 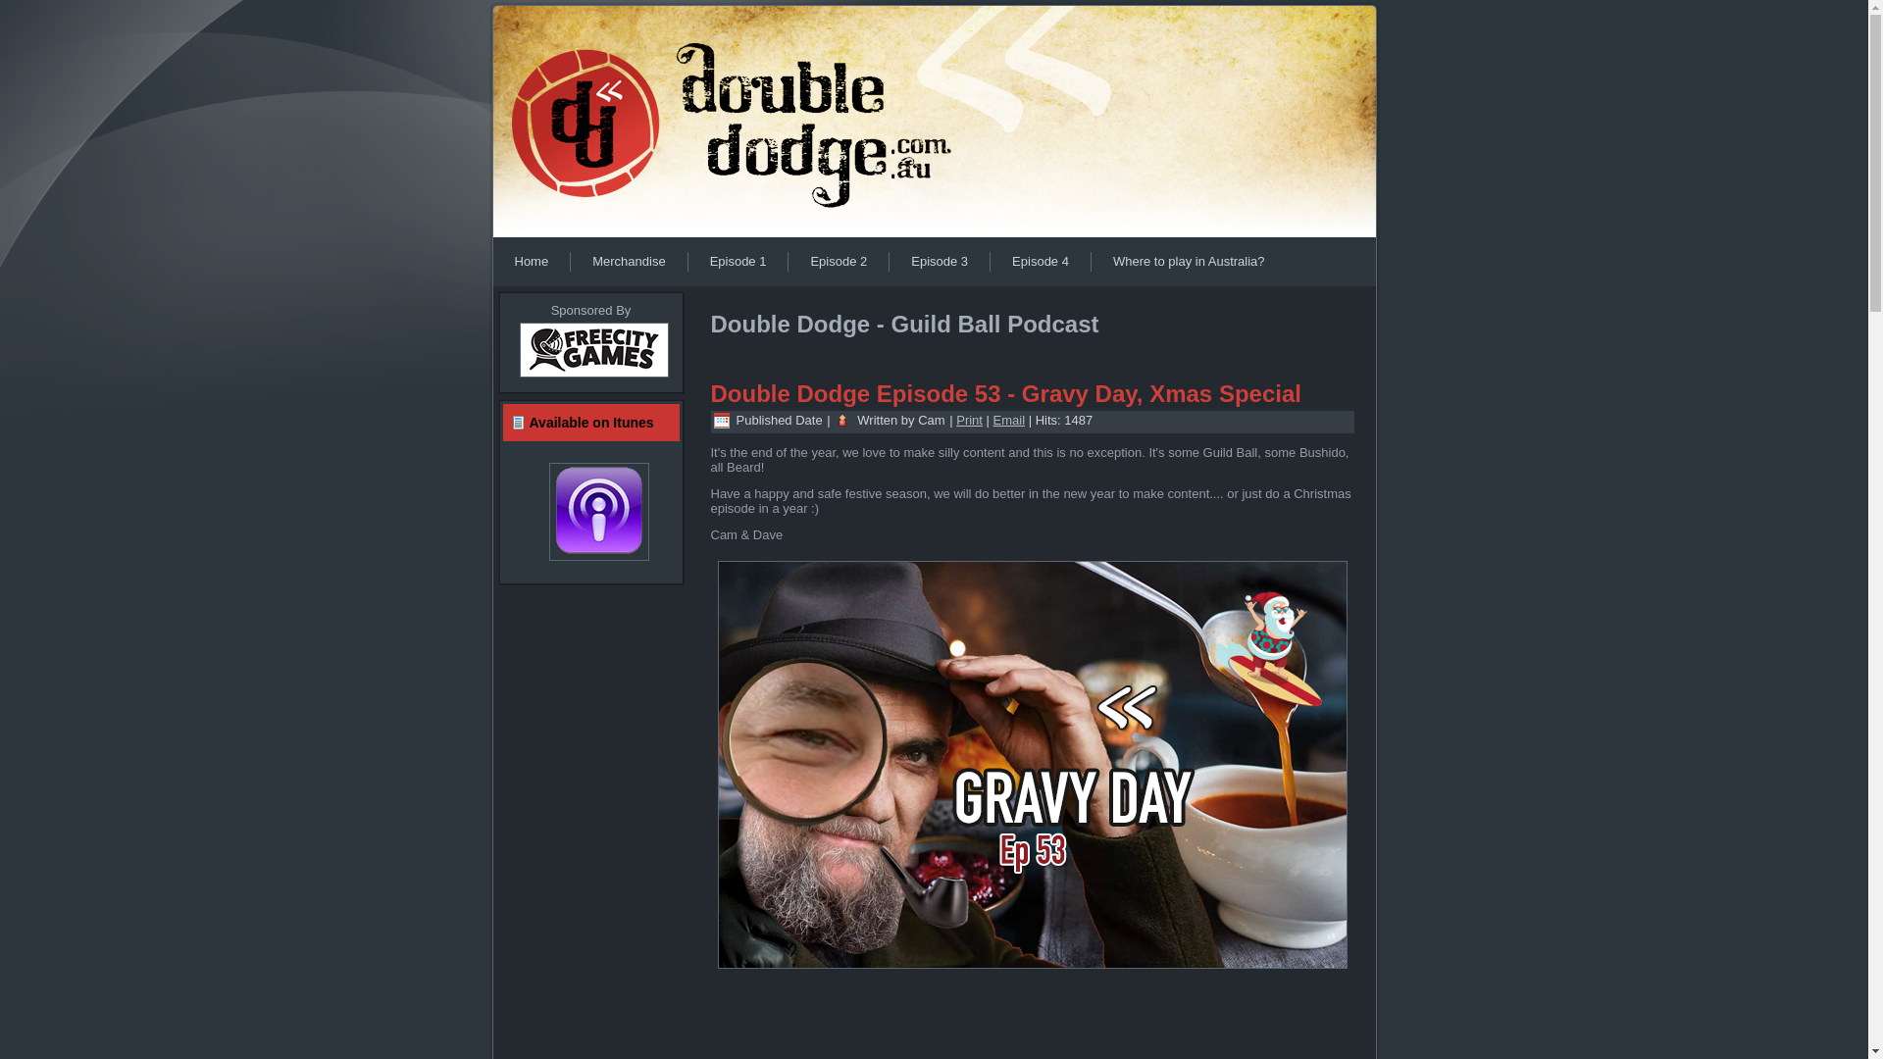 I want to click on 'Episode 2', so click(x=789, y=260).